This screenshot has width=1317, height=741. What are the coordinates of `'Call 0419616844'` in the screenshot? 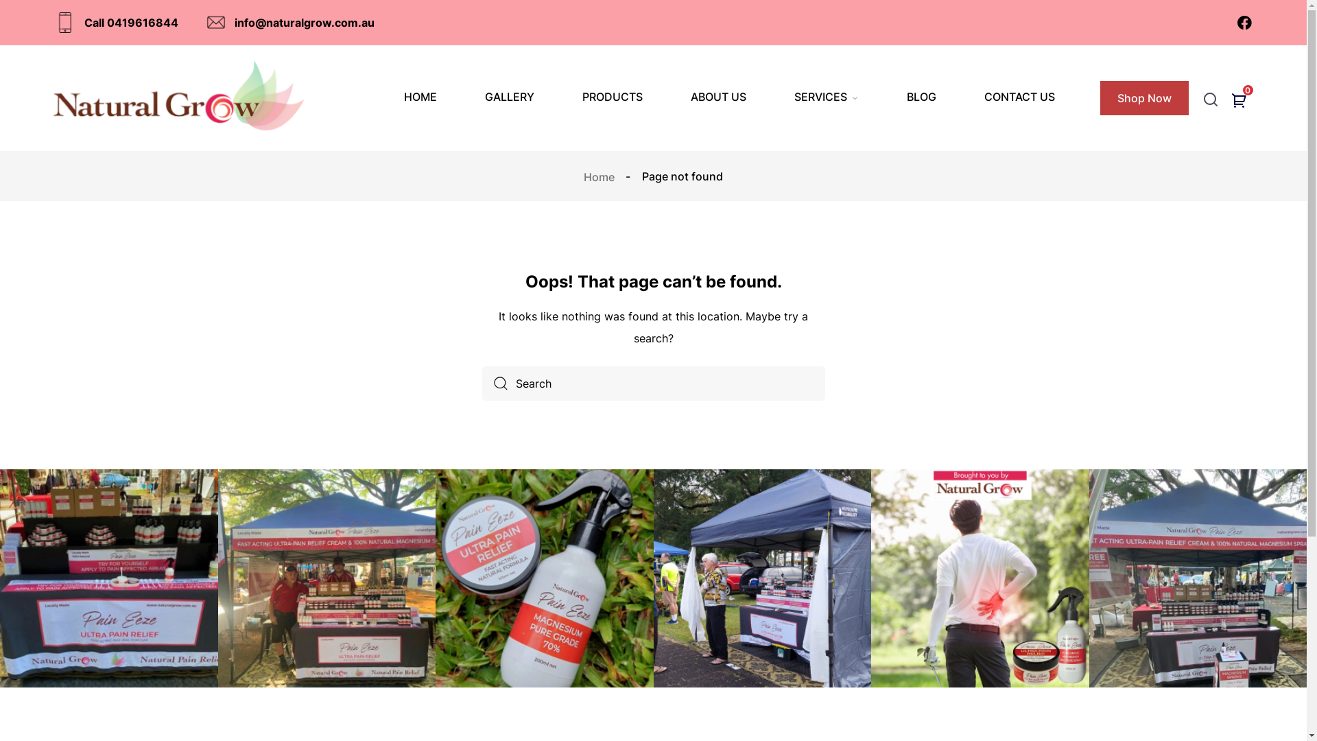 It's located at (55, 23).